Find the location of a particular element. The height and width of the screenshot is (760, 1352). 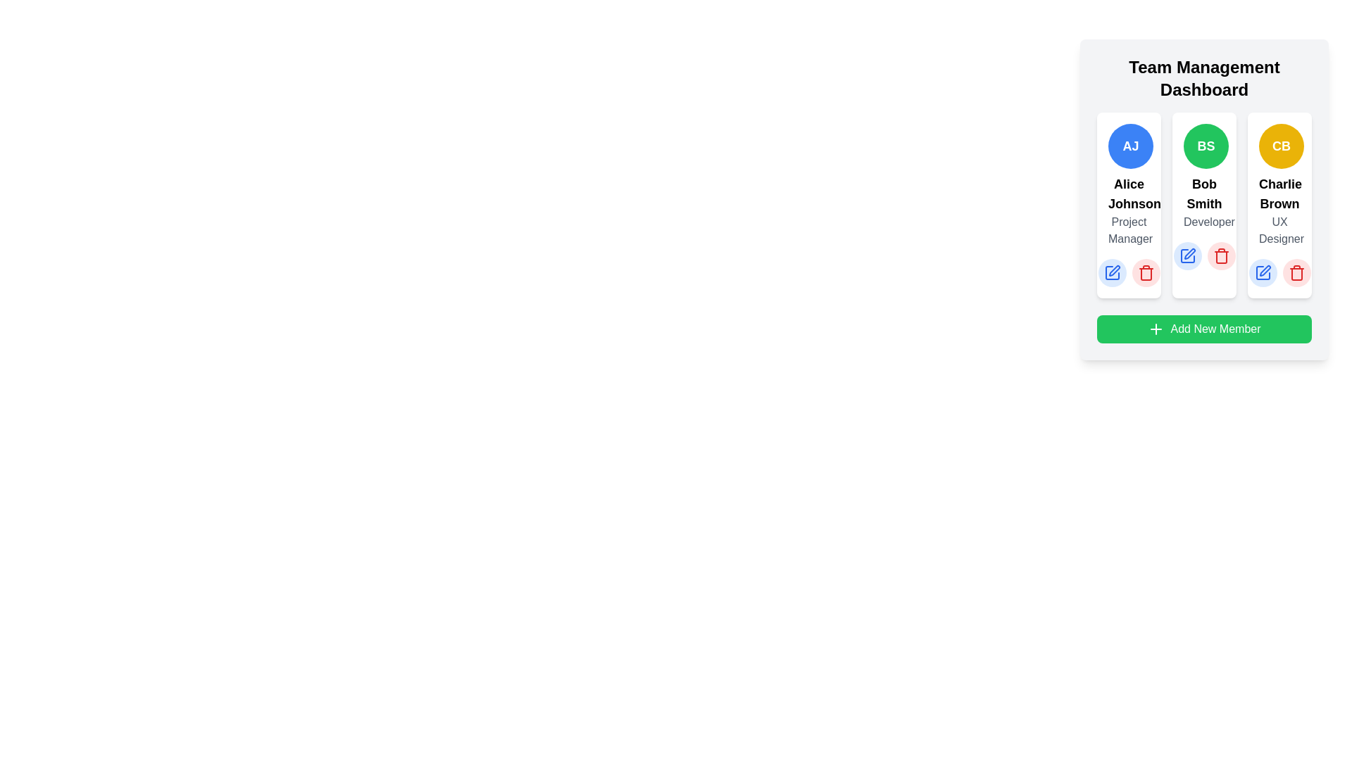

the blue edit button located at the bottom right corner of the 'Charlie Brown UX Designer' card is located at coordinates (1263, 273).